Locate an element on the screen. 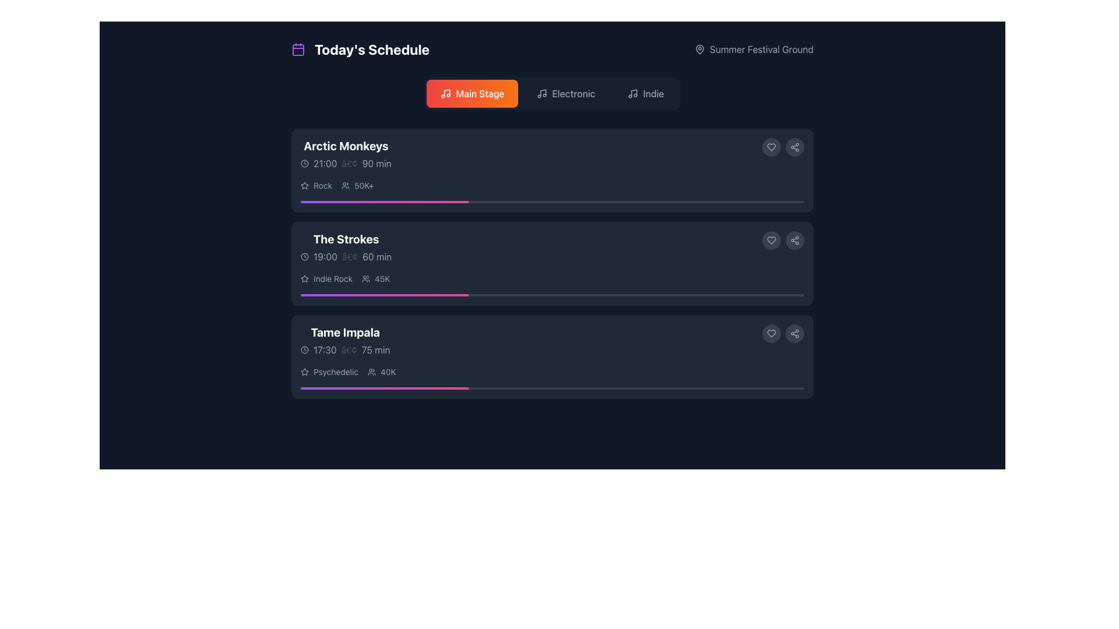 The image size is (1119, 629). the share icon button located in the top-right corner of the Arctic Monkeys event card to share the content is located at coordinates (794, 147).